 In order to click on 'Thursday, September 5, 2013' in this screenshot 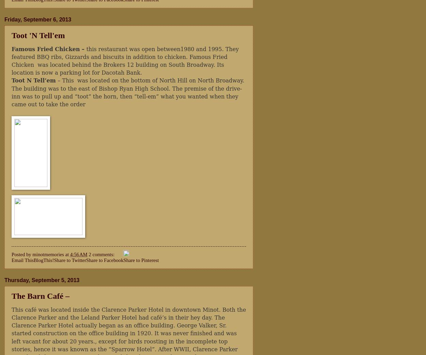, I will do `click(42, 280)`.